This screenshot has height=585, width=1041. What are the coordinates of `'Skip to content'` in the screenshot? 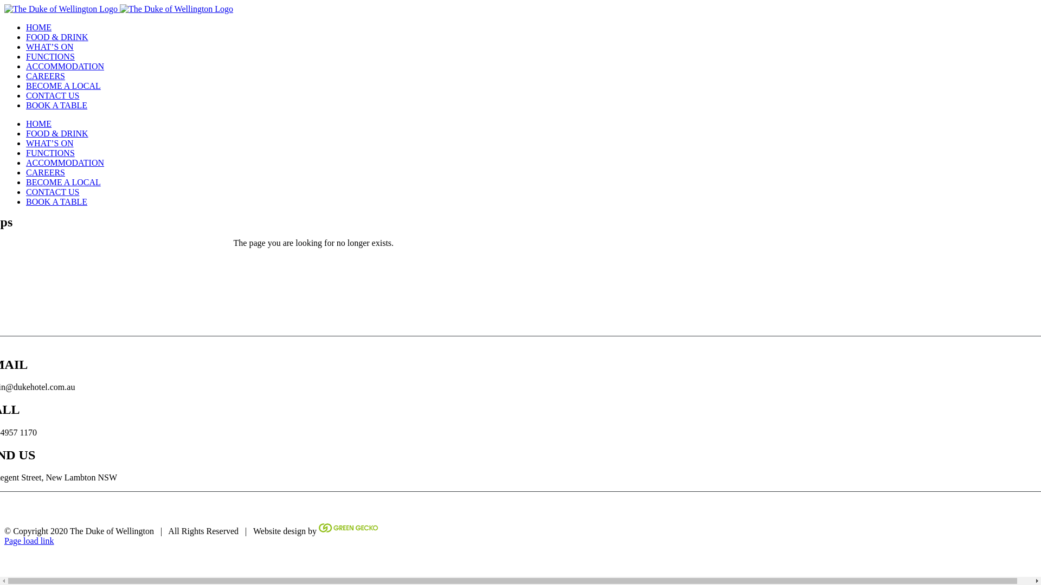 It's located at (4, 4).